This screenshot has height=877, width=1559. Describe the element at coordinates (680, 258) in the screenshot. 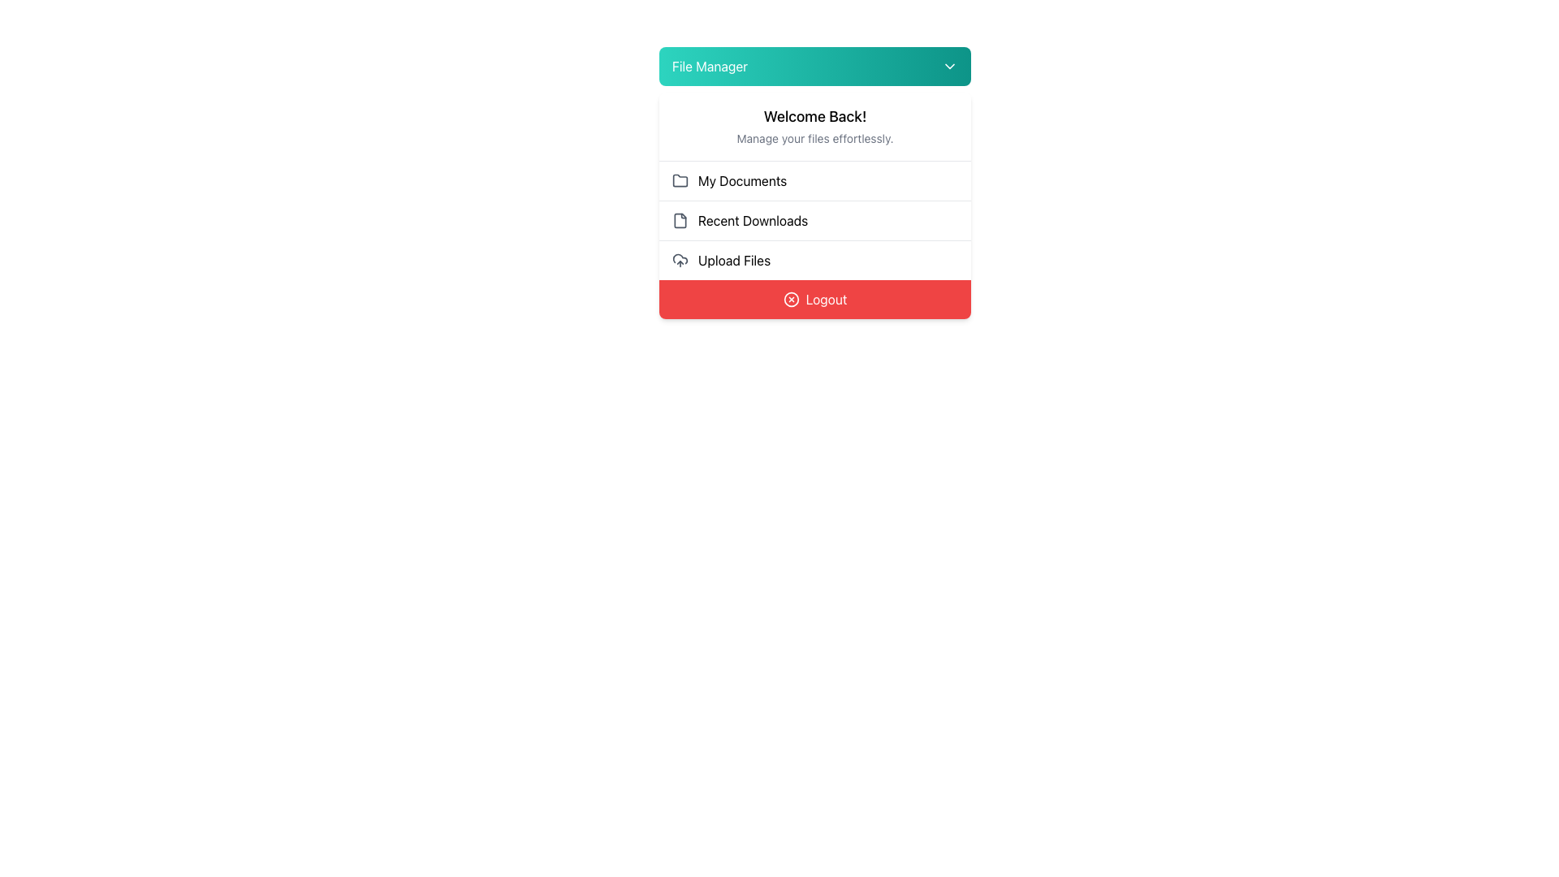

I see `the decorative upload icon in the 'Upload Files' section of the menu` at that location.